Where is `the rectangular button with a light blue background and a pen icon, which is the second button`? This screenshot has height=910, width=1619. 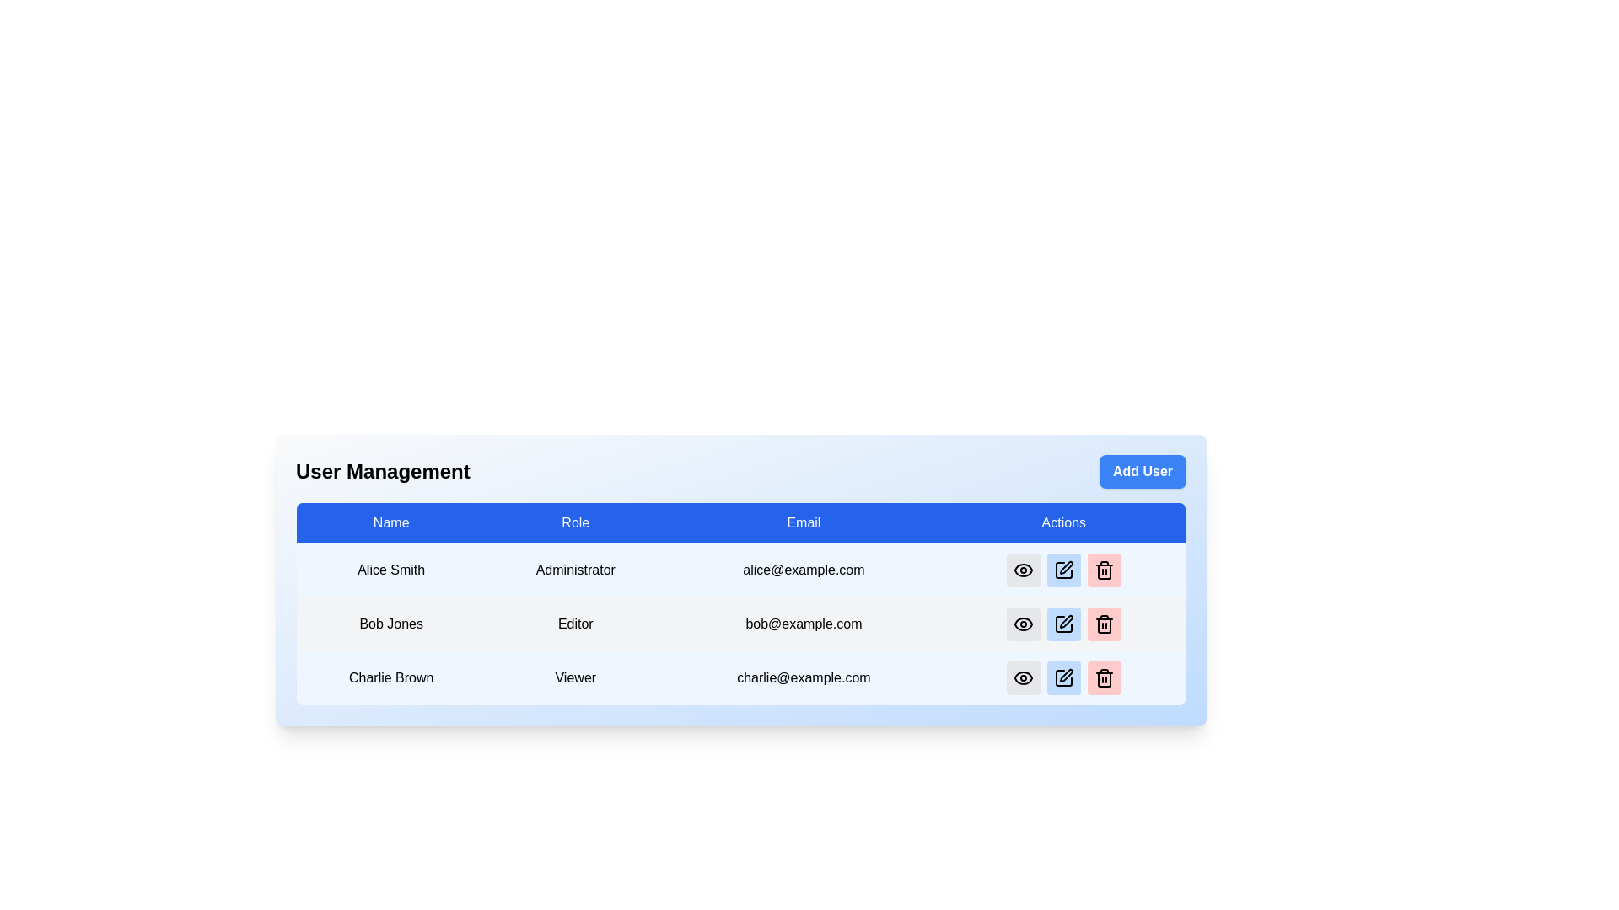
the rectangular button with a light blue background and a pen icon, which is the second button is located at coordinates (1063, 677).